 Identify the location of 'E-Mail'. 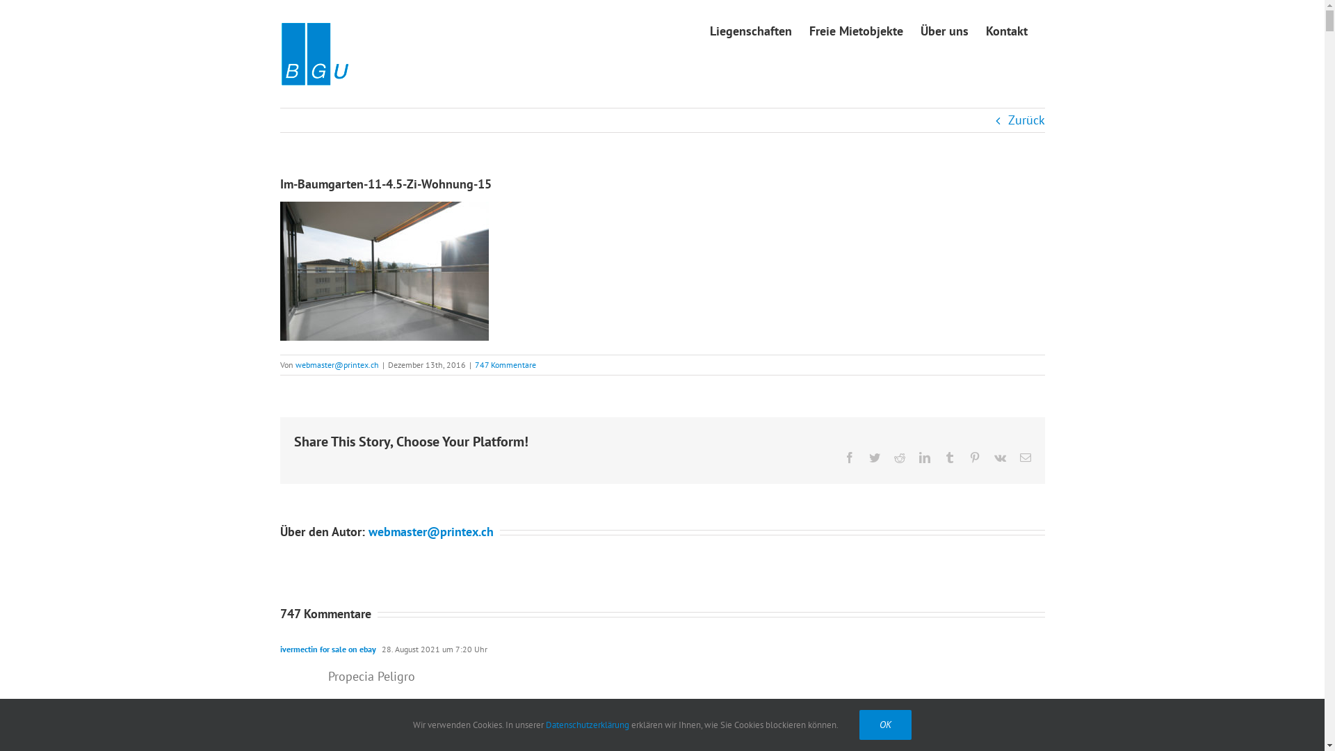
(1019, 458).